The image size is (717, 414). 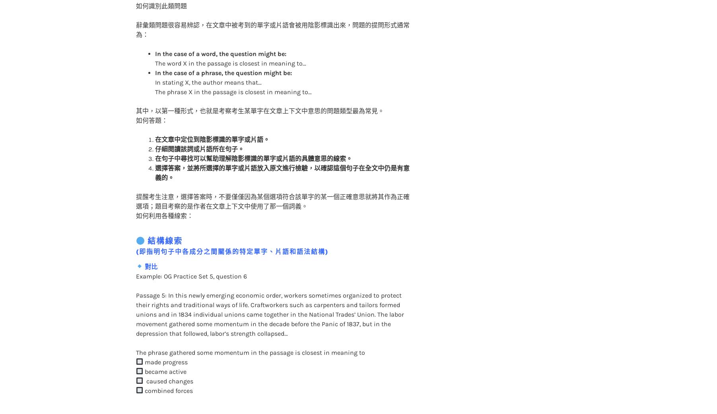 I want to click on '(即指明句子中各成分之間關係的特定單字、片語和語法結構)', so click(x=135, y=235).